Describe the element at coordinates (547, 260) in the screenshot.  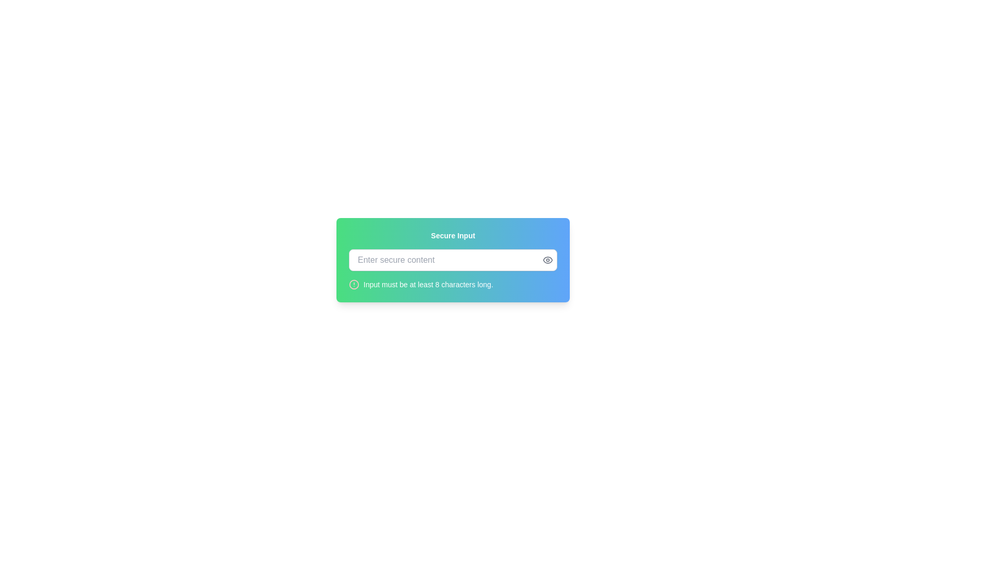
I see `the eye-shaped visibility toggle button, which is styled in gray and located at the far right of the password input field` at that location.